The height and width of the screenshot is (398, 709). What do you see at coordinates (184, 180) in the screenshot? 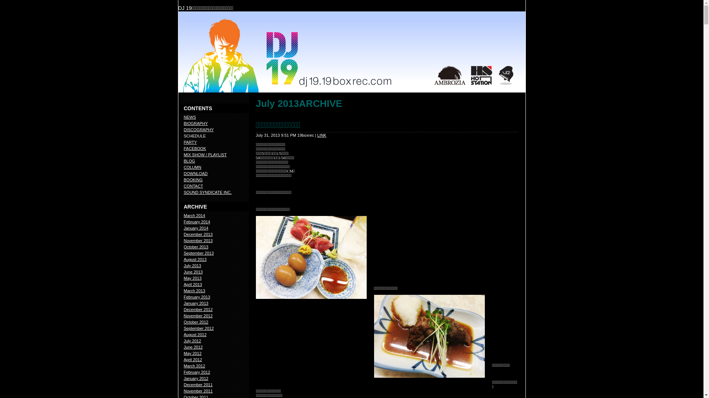
I see `'BOOKING'` at bounding box center [184, 180].